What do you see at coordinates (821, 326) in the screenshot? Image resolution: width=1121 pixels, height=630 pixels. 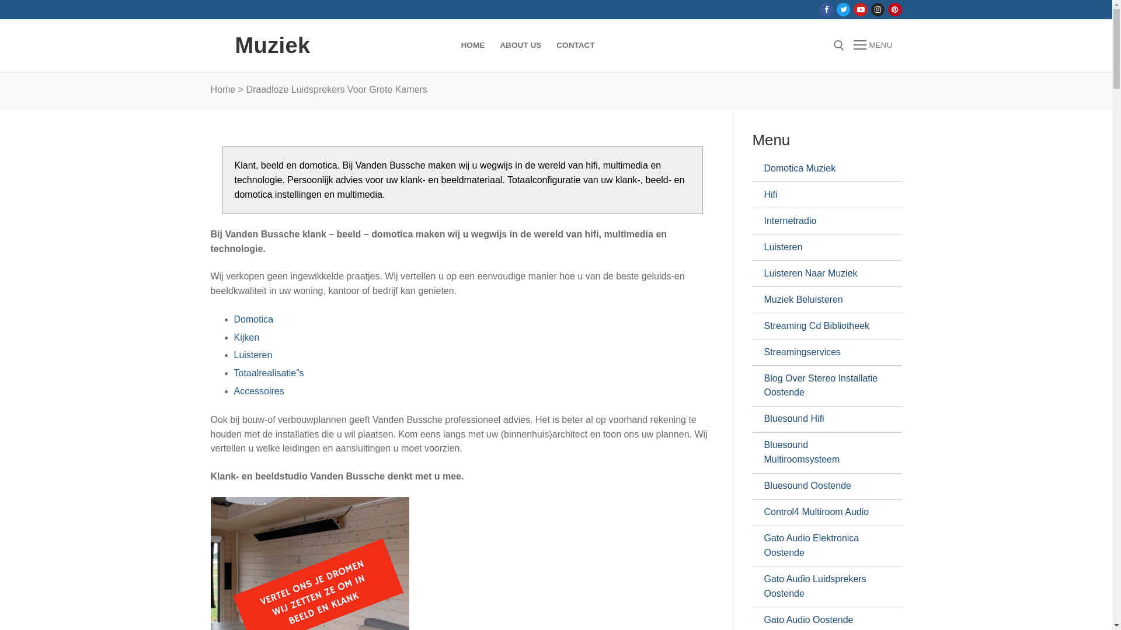 I see `'Streaming Cd Bibliotheek'` at bounding box center [821, 326].